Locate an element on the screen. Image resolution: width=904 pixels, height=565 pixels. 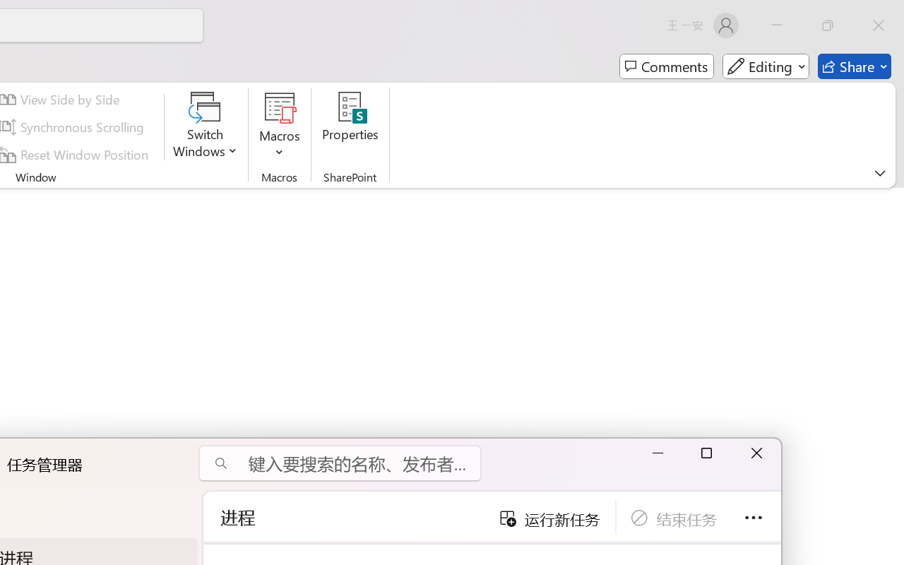
'Macros' is located at coordinates (280, 126).